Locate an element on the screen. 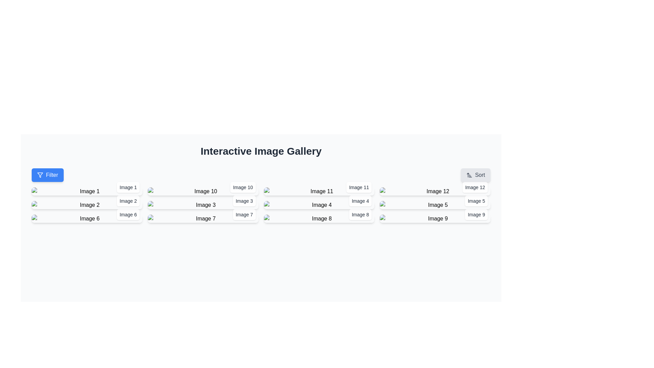  the fifth image thumbnail in the gallery is located at coordinates (435, 204).